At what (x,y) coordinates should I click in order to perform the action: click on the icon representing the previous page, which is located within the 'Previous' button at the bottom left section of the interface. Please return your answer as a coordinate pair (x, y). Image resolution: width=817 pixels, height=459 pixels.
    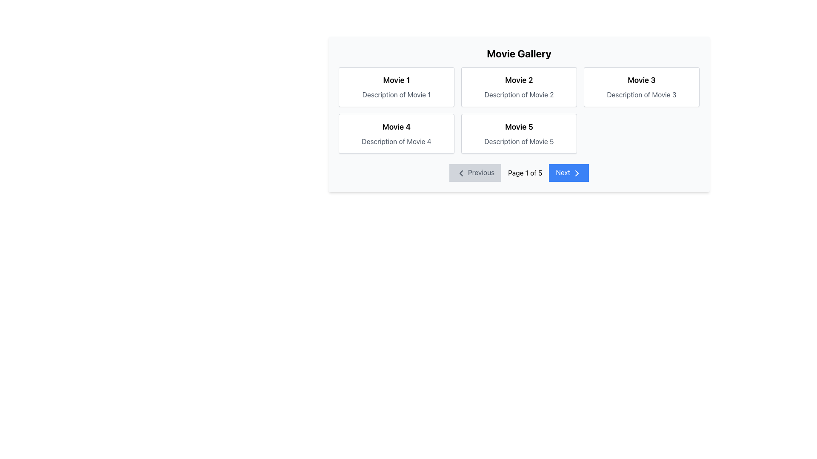
    Looking at the image, I should click on (460, 173).